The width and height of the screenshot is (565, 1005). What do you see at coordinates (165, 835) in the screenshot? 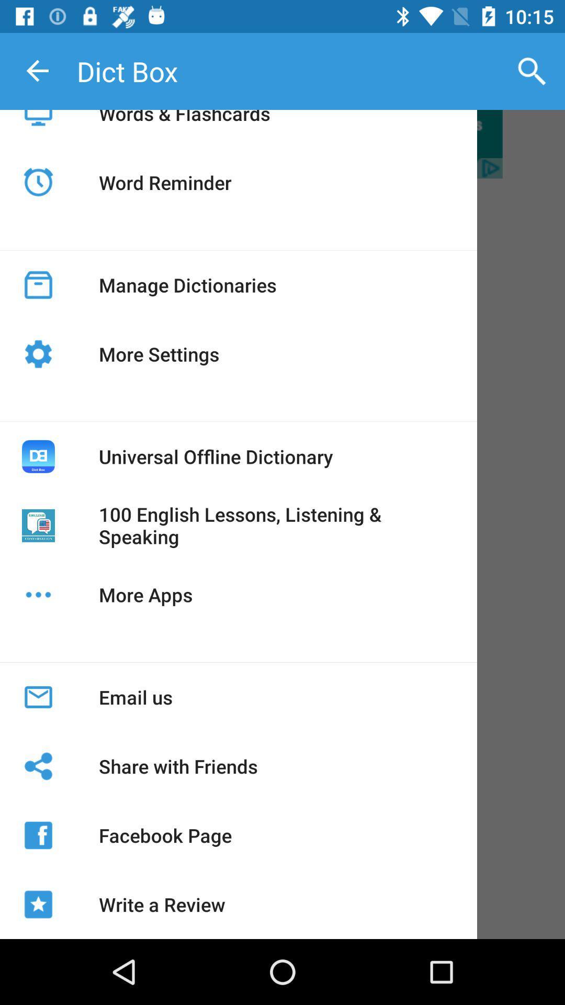
I see `facebook page item` at bounding box center [165, 835].